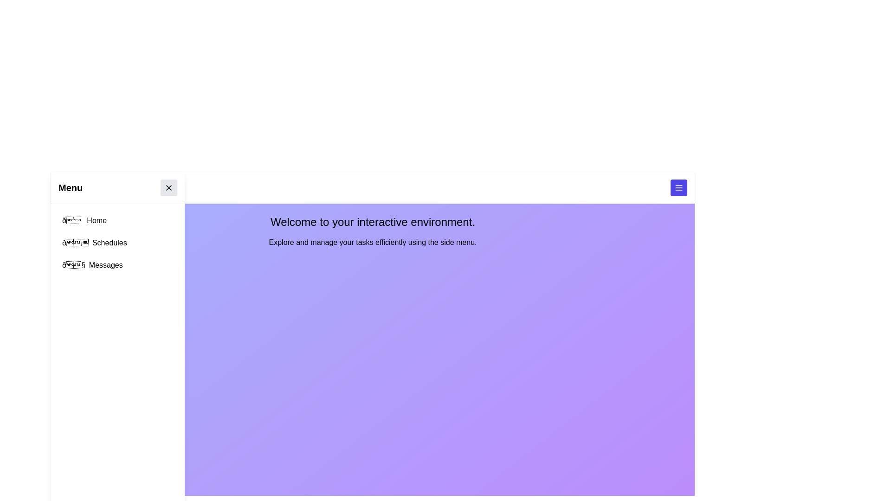  I want to click on the rounded rectangle button with a blue-indigo background and white horizontal lines, located at the top-right corner of the interface beside the 'Dashboard' text, so click(679, 188).